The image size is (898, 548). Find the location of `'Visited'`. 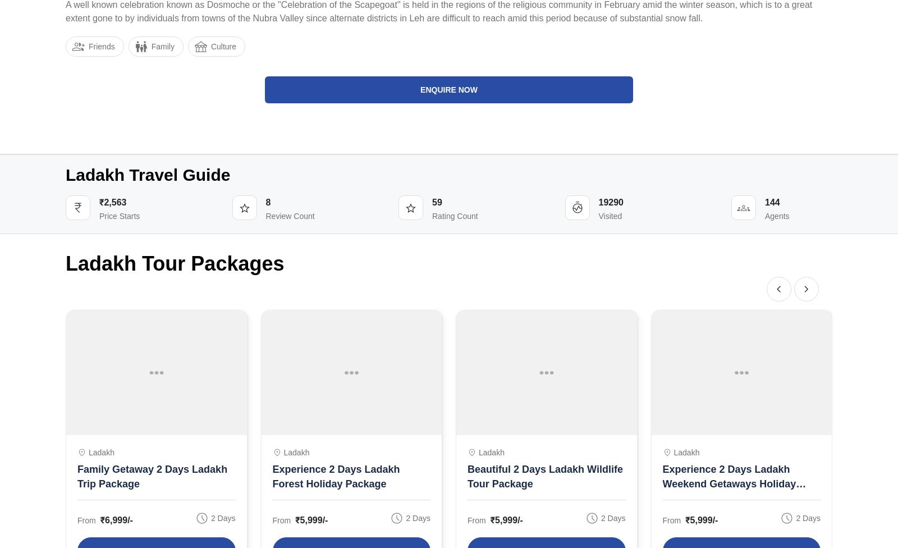

'Visited' is located at coordinates (610, 216).